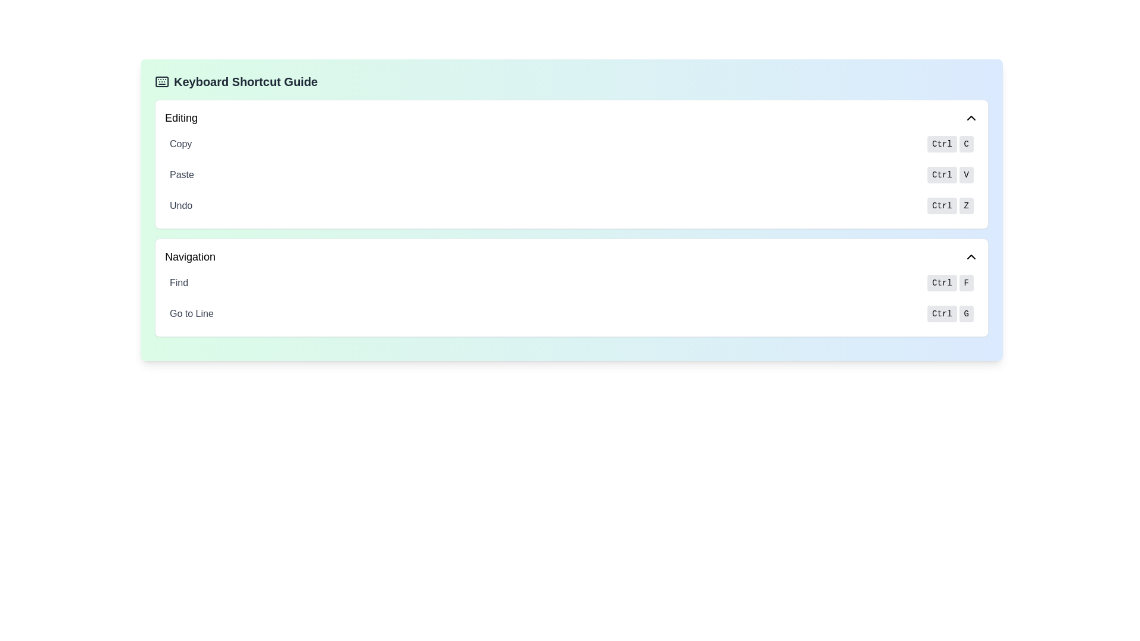 The height and width of the screenshot is (641, 1140). Describe the element at coordinates (950, 144) in the screenshot. I see `the 'Ctrl + C' keyboard shortcut label located in the 'Copy' section at the top of the 'Editing' section of the 'Keyboard Shortcut Guide'` at that location.